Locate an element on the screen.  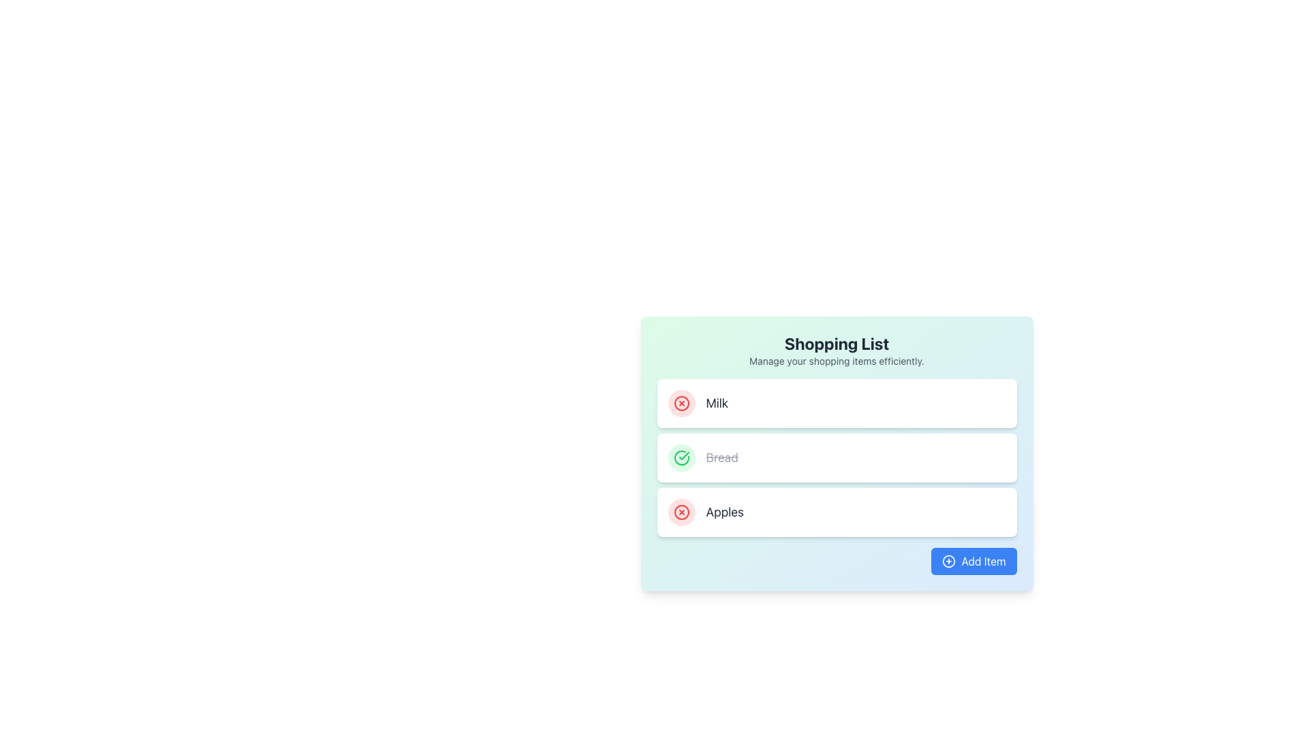
the circular Icon Button with a green checkmark icon is located at coordinates (681, 457).